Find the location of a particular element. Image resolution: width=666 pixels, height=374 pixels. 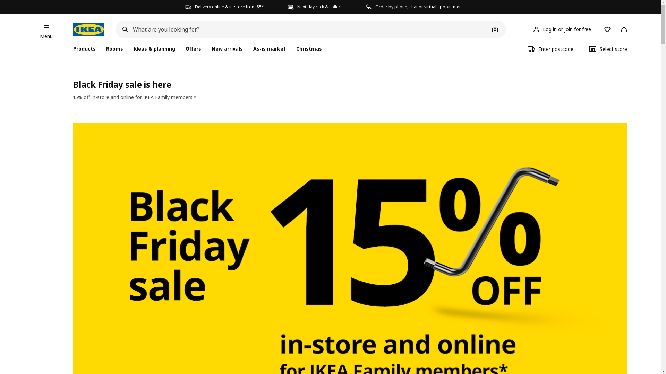

'New arrivals' is located at coordinates (227, 48).